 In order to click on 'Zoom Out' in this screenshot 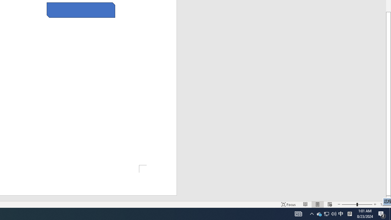, I will do `click(349, 204)`.